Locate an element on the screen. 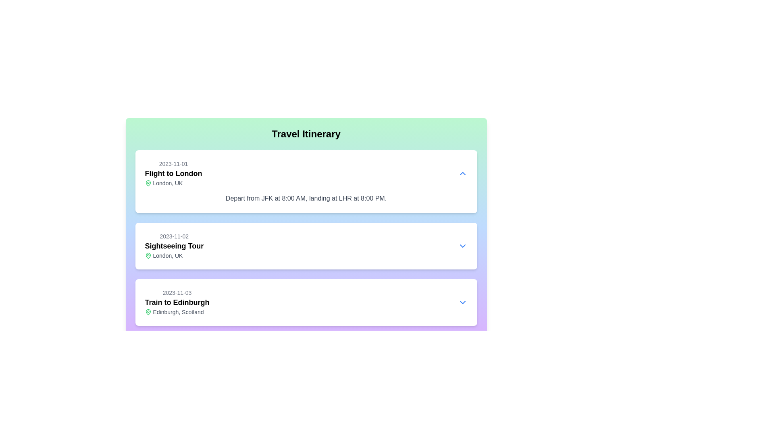  the information of the travel itinerary item, which includes the date '2023-11-01', the flight destination 'Flight to London', and the location 'London, UK' indicated by a green map pin icon is located at coordinates (173, 173).